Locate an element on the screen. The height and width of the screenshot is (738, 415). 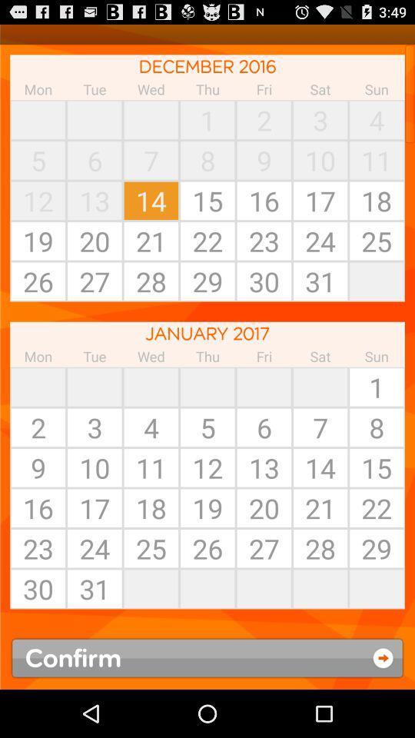
confirm item is located at coordinates (207, 657).